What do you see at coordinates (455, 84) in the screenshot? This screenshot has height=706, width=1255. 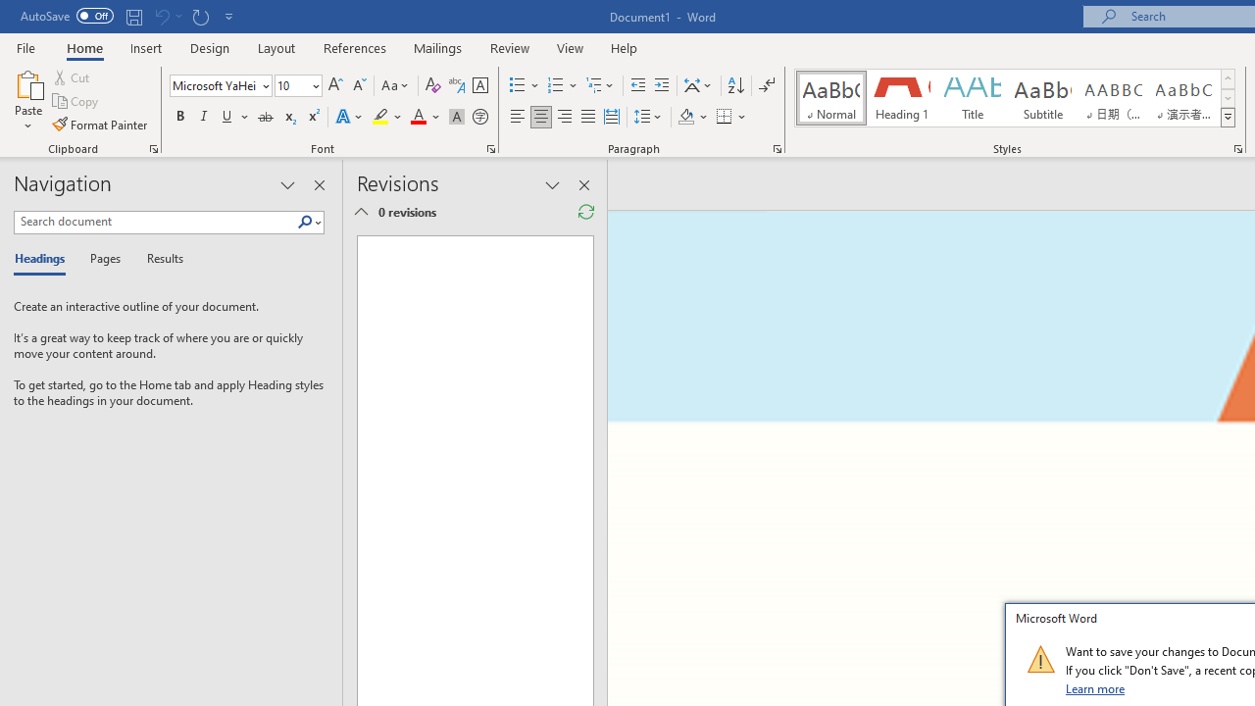 I see `'Phonetic Guide...'` at bounding box center [455, 84].